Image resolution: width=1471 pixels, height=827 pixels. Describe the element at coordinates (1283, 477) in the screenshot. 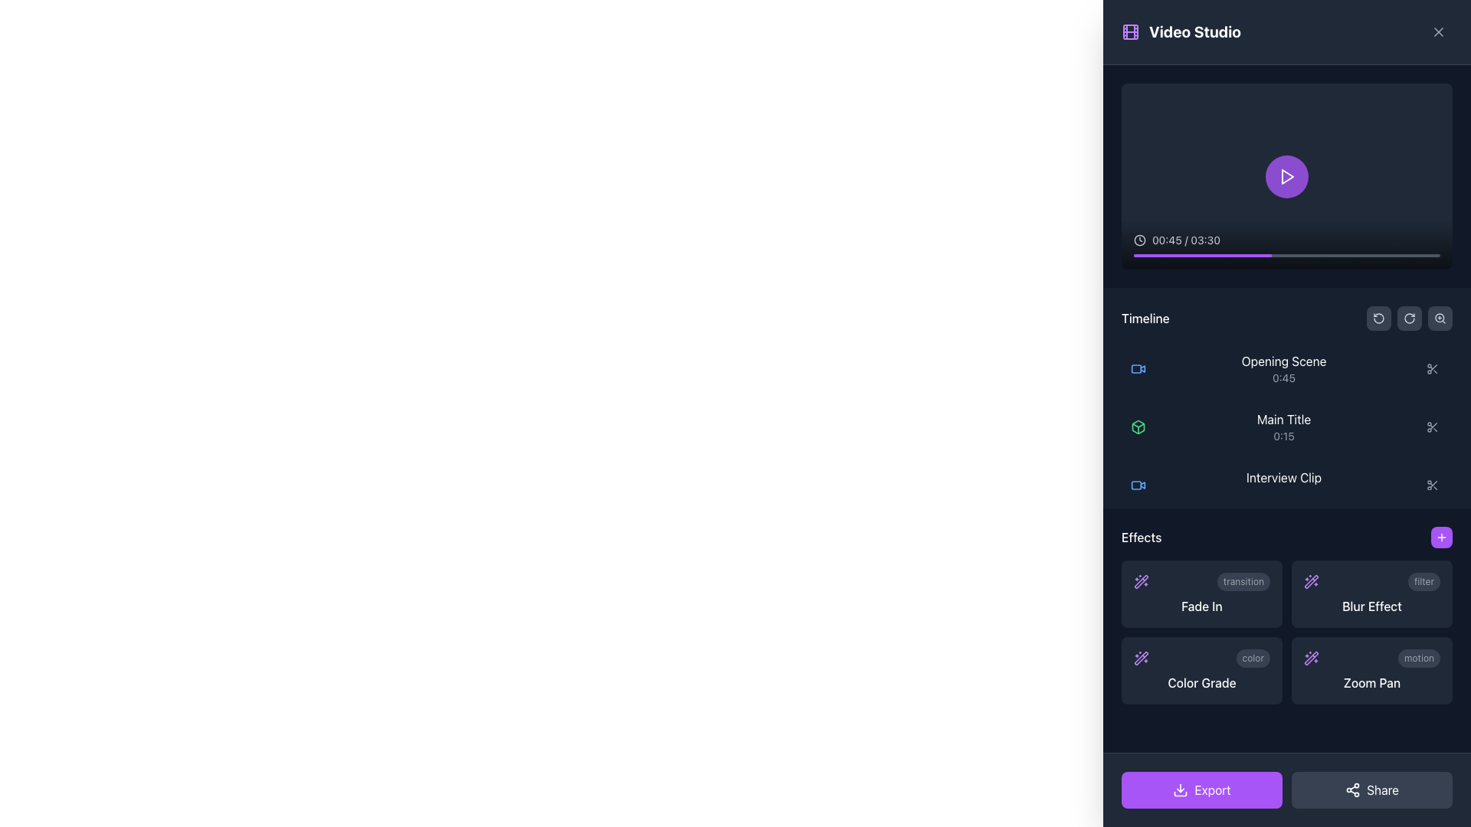

I see `the left-aligned text label in the 'Timeline' section under the 'Main Title' entry` at that location.